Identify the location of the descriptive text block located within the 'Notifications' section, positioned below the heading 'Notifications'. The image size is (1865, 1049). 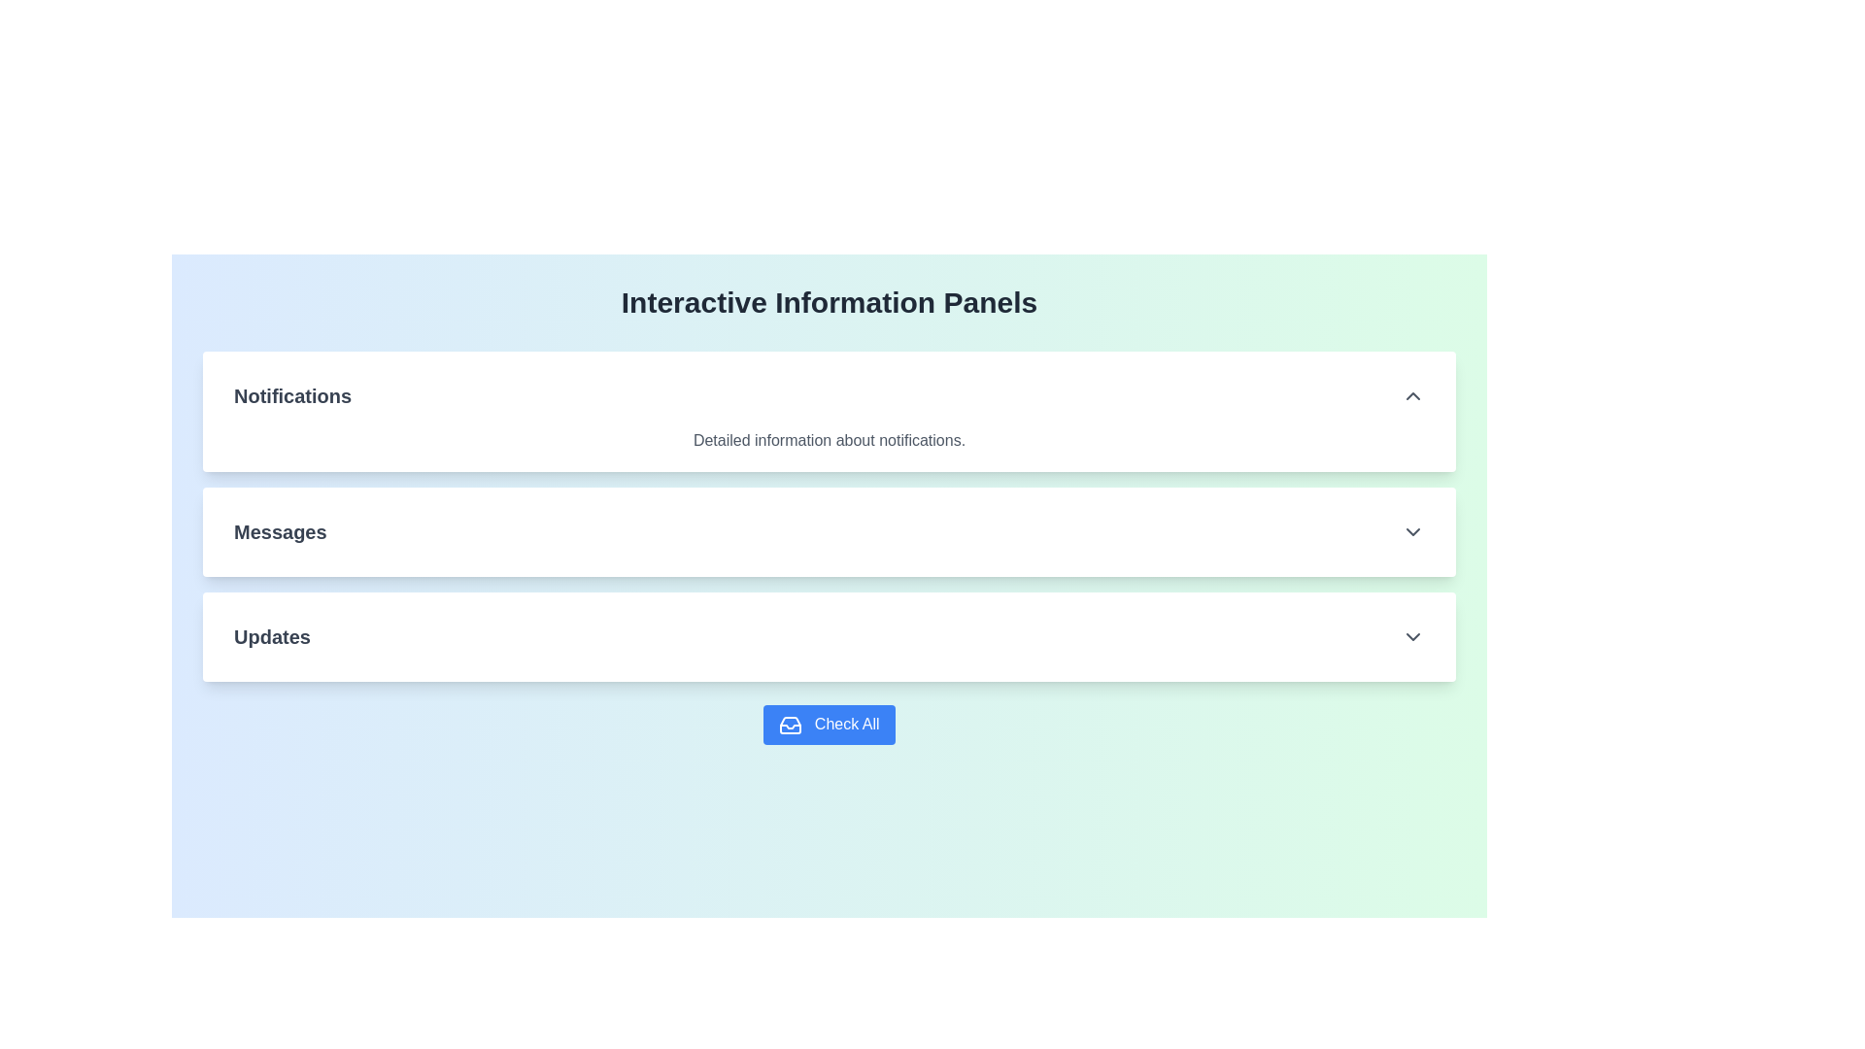
(830, 441).